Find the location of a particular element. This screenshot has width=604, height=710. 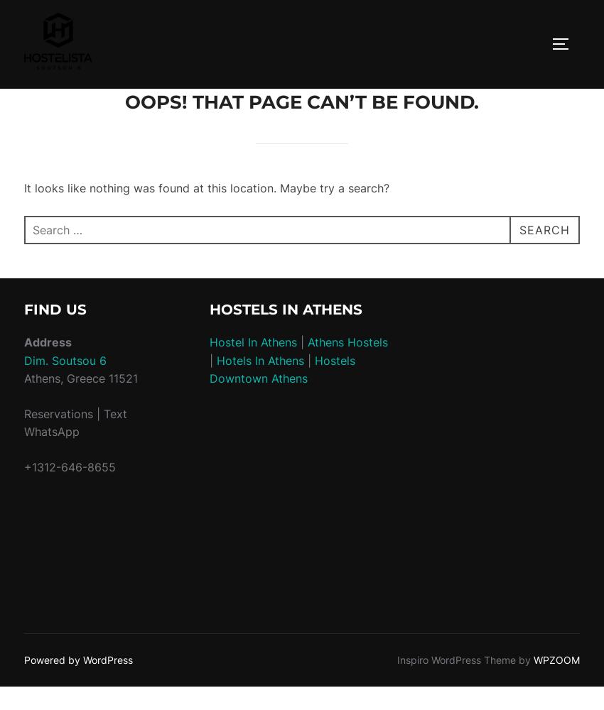

'Find Us' is located at coordinates (23, 309).